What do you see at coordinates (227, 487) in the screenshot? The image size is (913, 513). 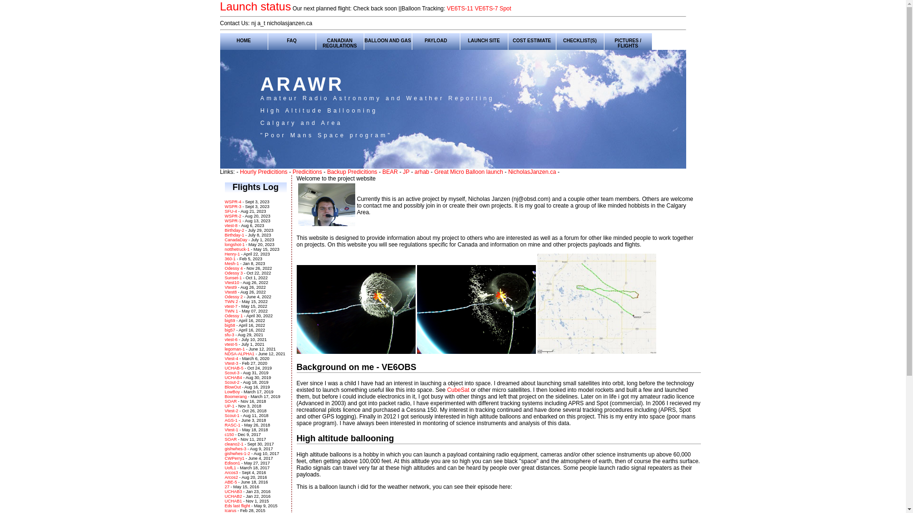 I see `'27'` at bounding box center [227, 487].